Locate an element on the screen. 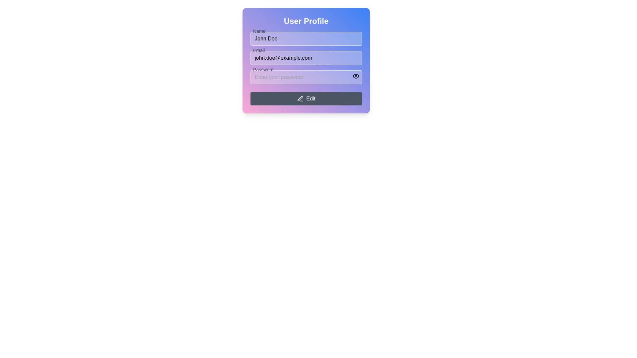  the text label indicating the user's name, which is positioned directly above the input field for entering the user's name in the form is located at coordinates (259, 31).